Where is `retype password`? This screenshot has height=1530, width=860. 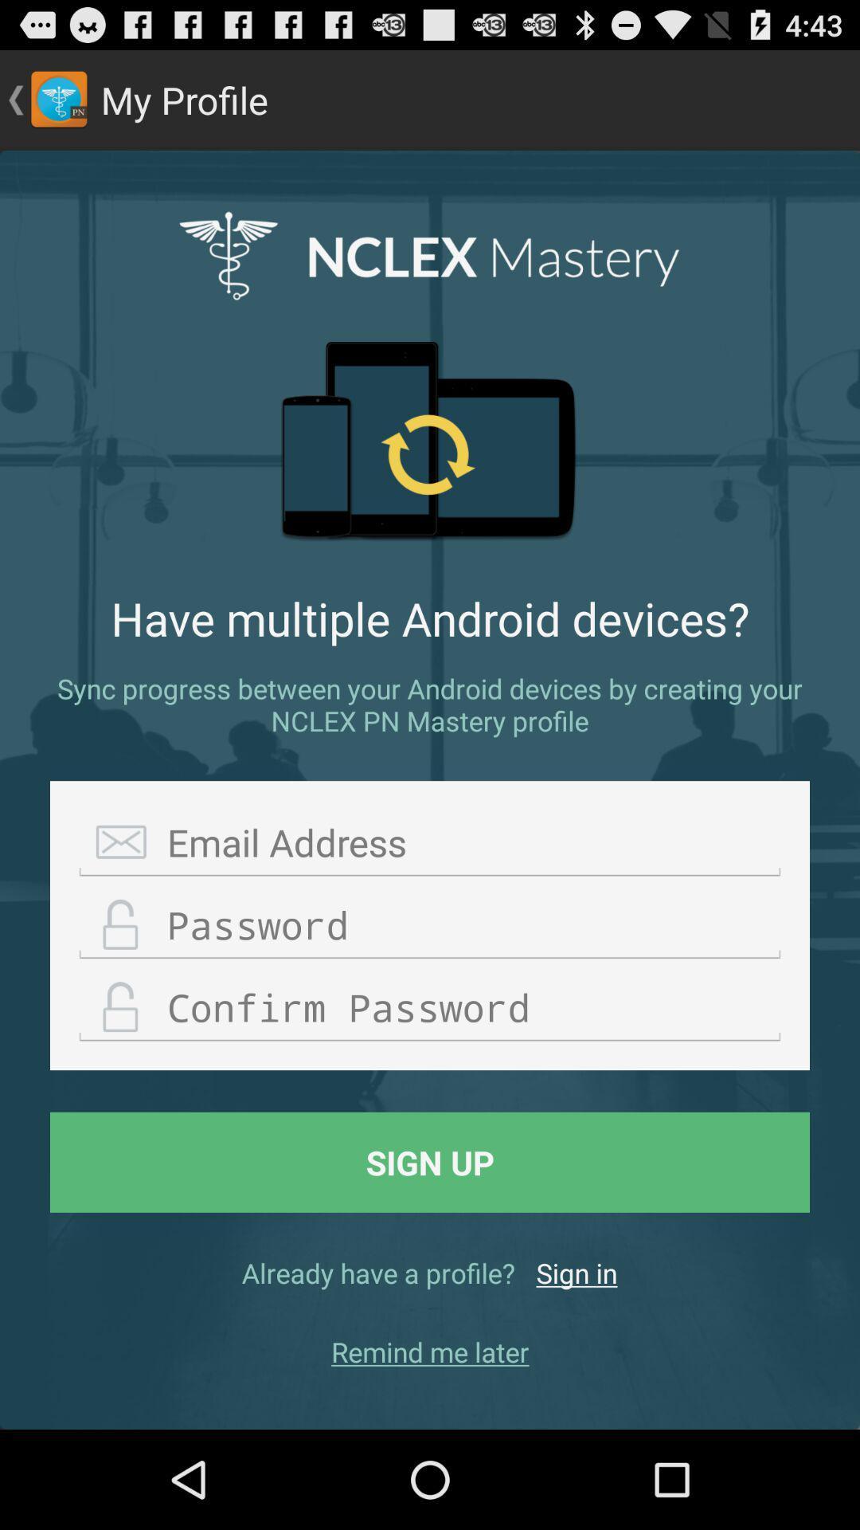
retype password is located at coordinates (430, 1007).